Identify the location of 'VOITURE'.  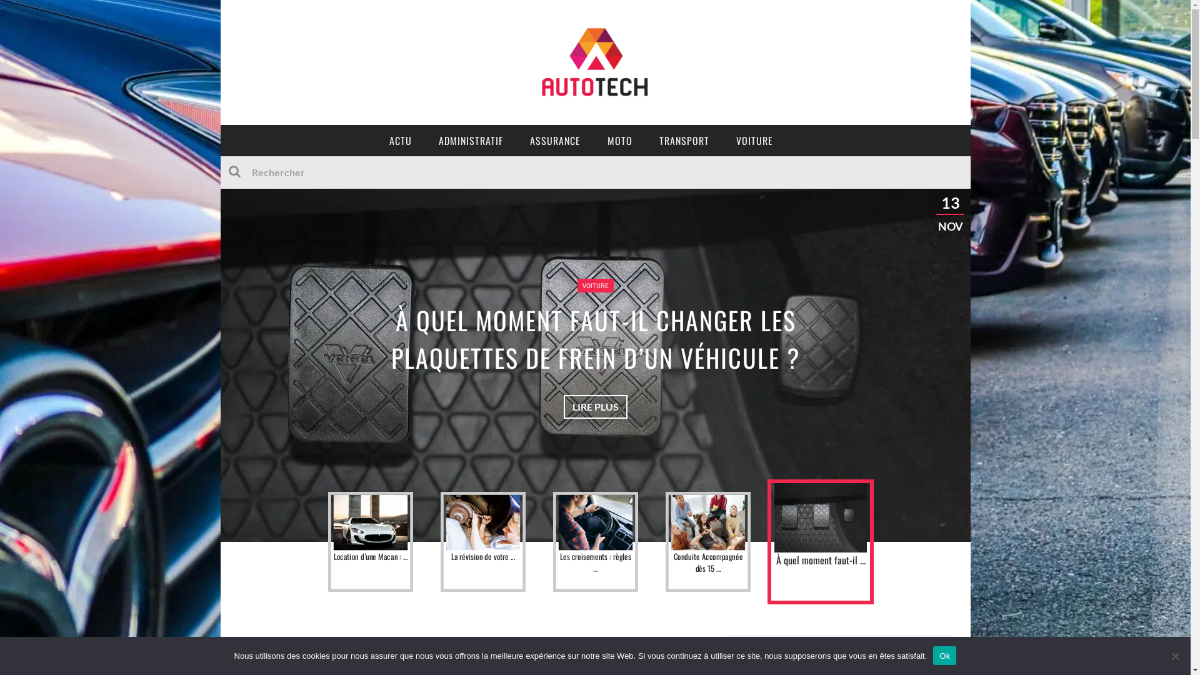
(595, 285).